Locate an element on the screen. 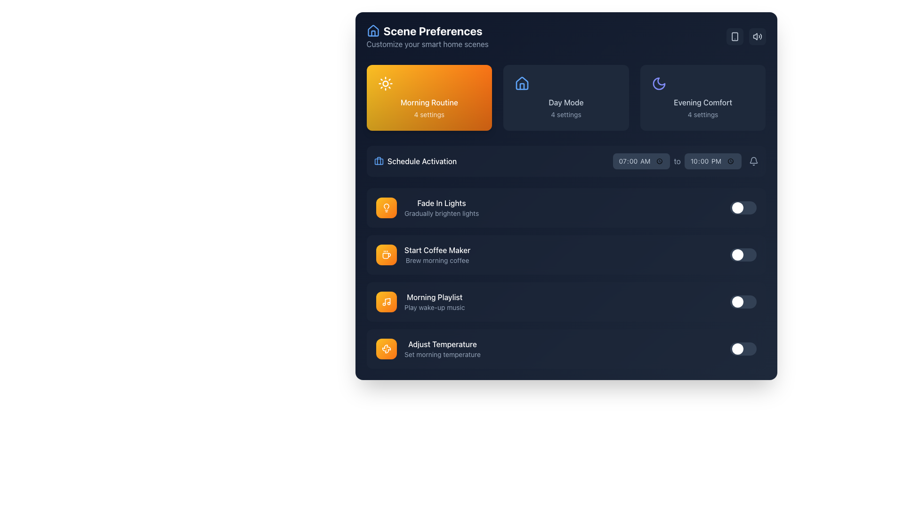 The image size is (904, 508). the text label indicating the number of settings associated with the 'Evening Comfort' feature, located in the upper-right section of the interface, below the main title 'Evening Comfort' is located at coordinates (703, 114).